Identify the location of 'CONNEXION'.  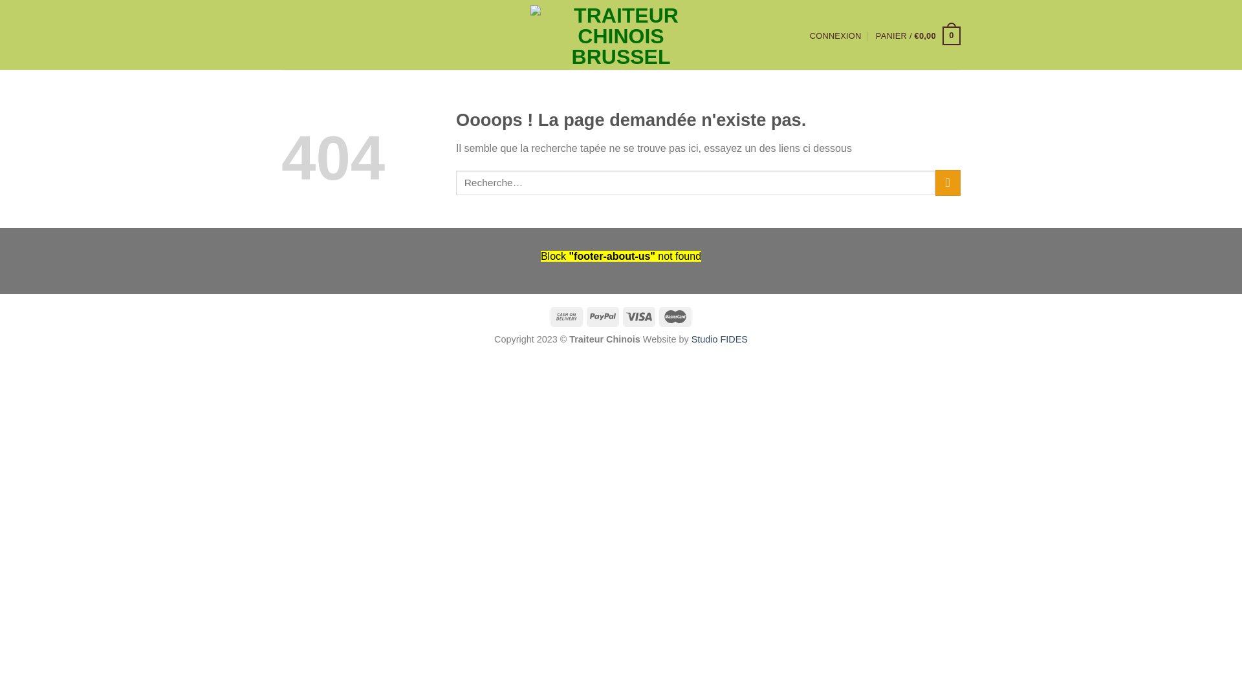
(809, 36).